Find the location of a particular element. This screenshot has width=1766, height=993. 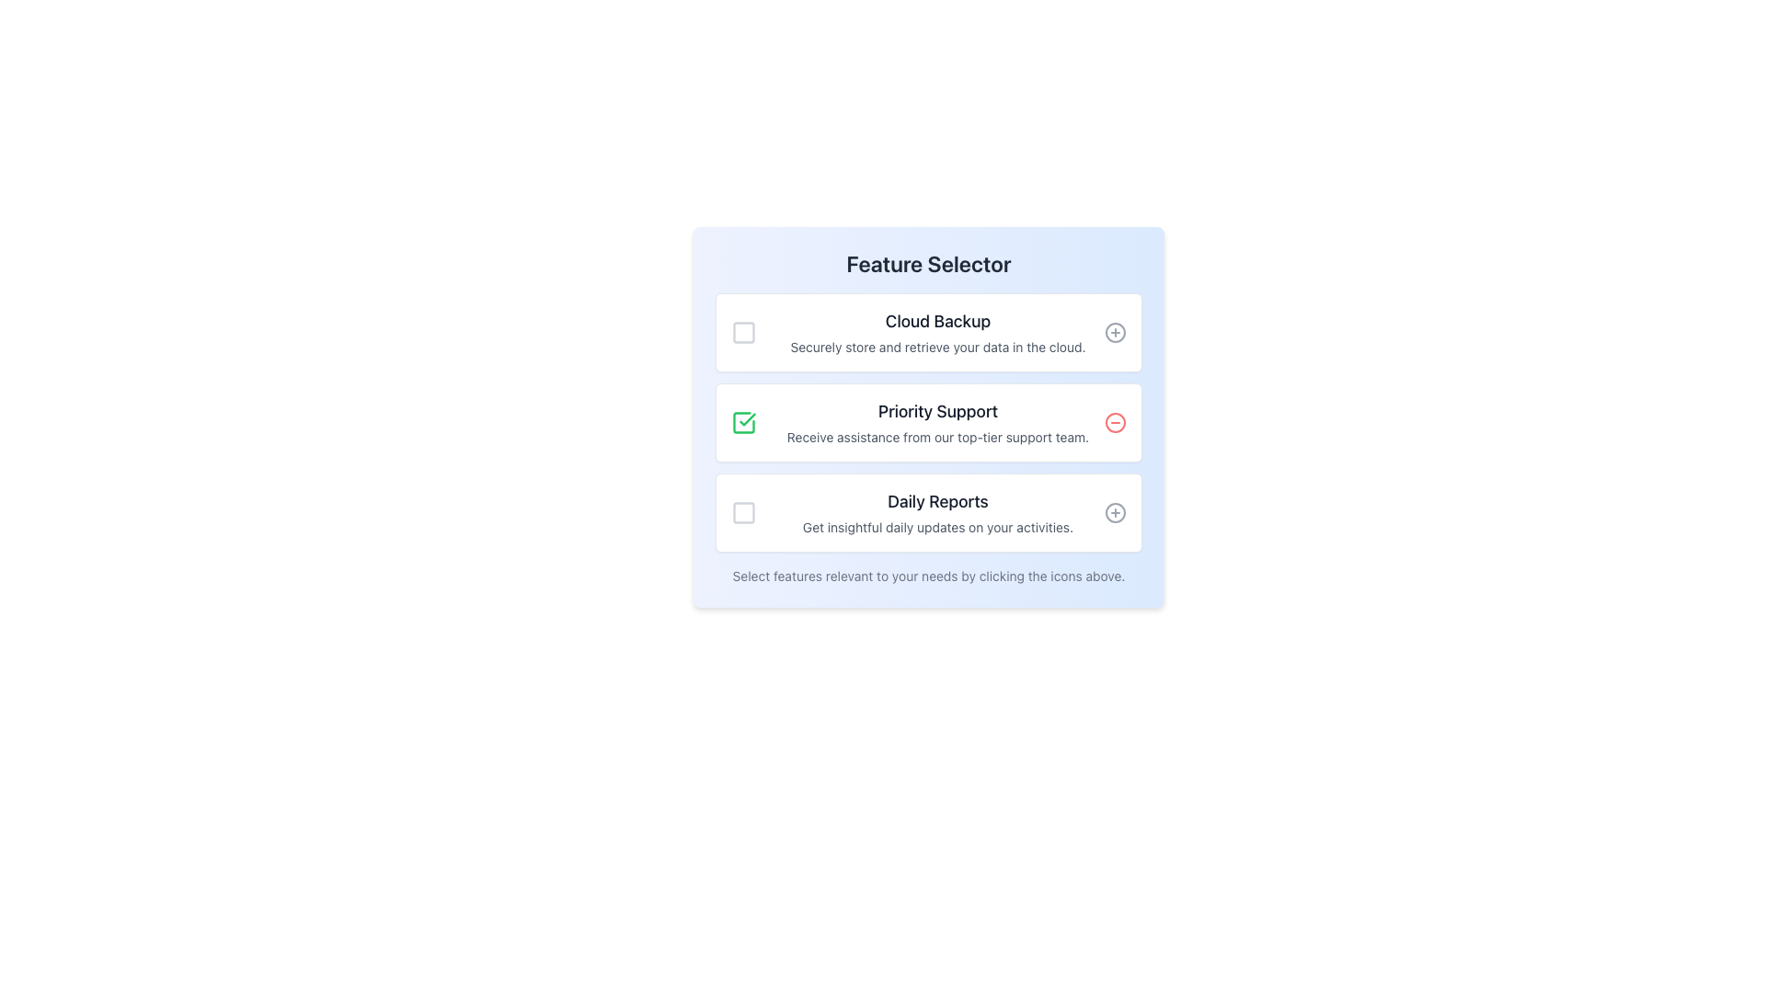

the interactive checkbox for the 'Daily Reports' feature is located at coordinates (744, 513).